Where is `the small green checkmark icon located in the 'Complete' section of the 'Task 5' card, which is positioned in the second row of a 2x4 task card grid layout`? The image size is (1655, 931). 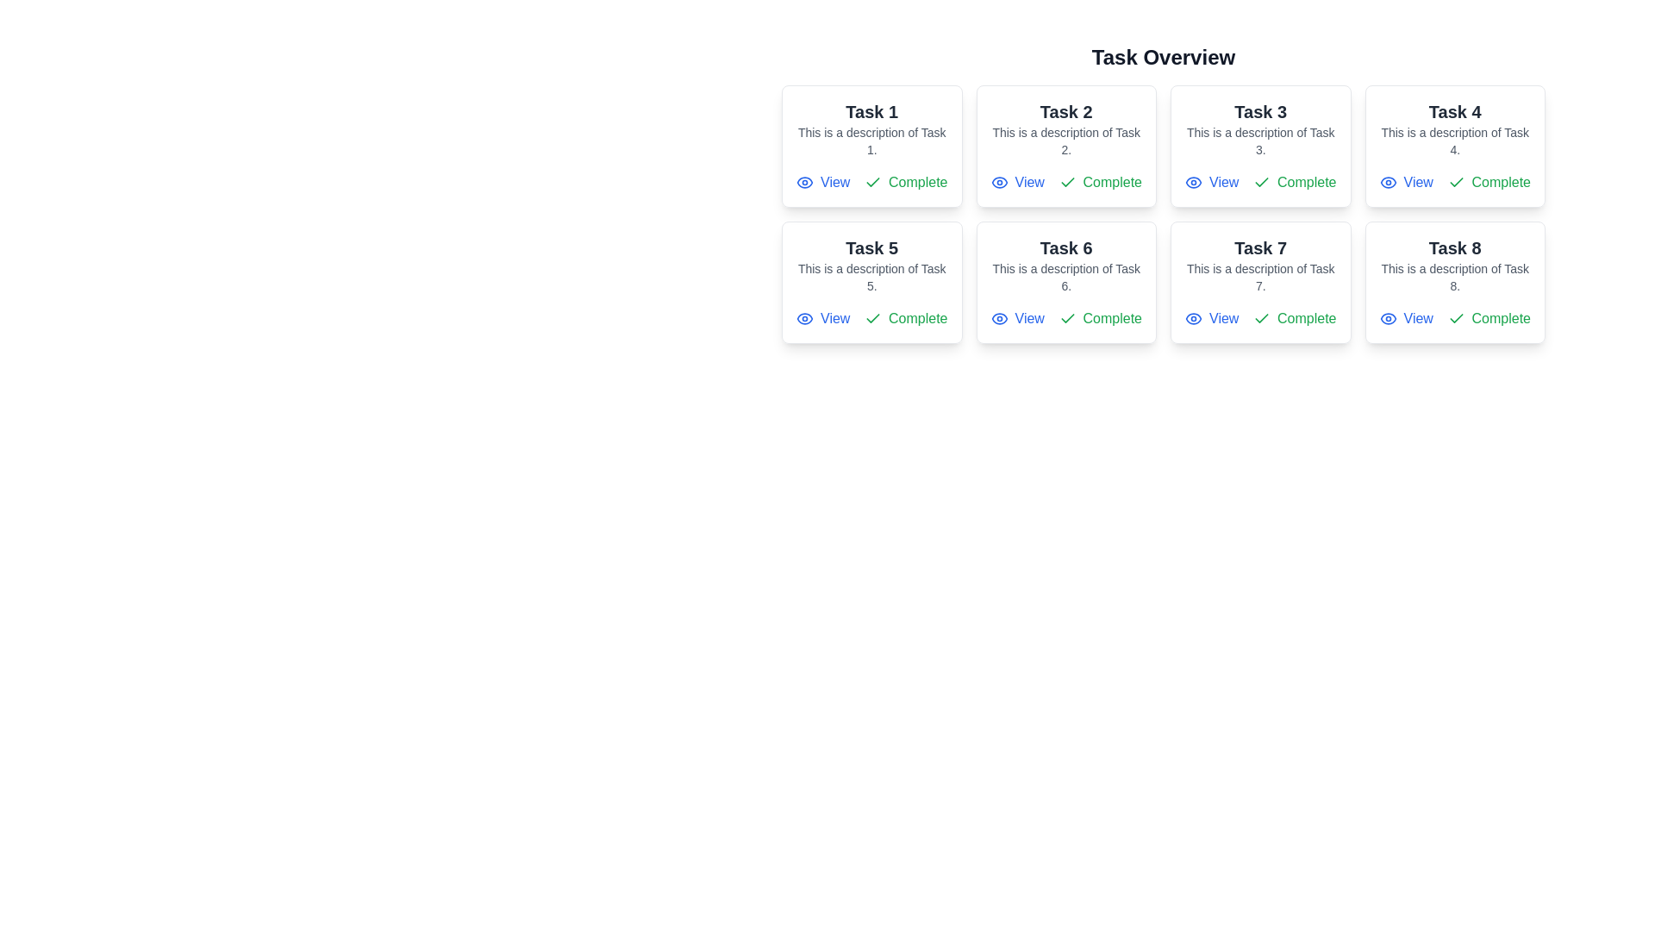 the small green checkmark icon located in the 'Complete' section of the 'Task 5' card, which is positioned in the second row of a 2x4 task card grid layout is located at coordinates (872, 318).